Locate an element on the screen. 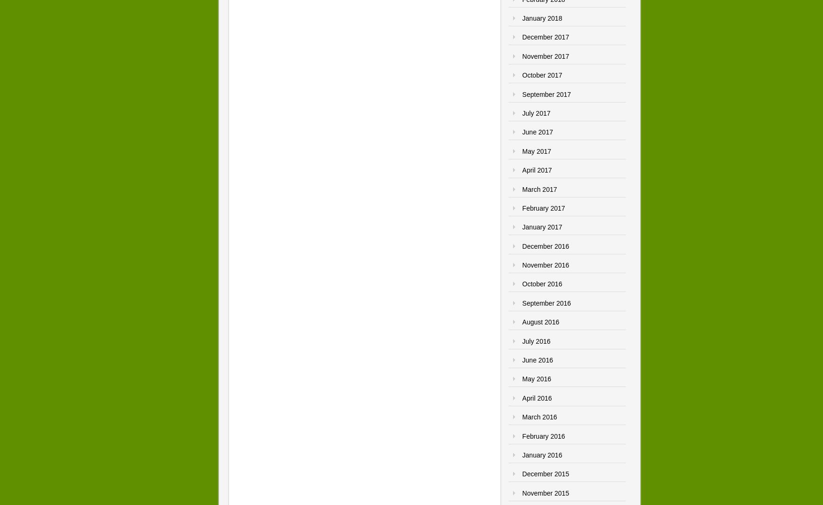 The width and height of the screenshot is (823, 505). 'October 2016' is located at coordinates (541, 284).